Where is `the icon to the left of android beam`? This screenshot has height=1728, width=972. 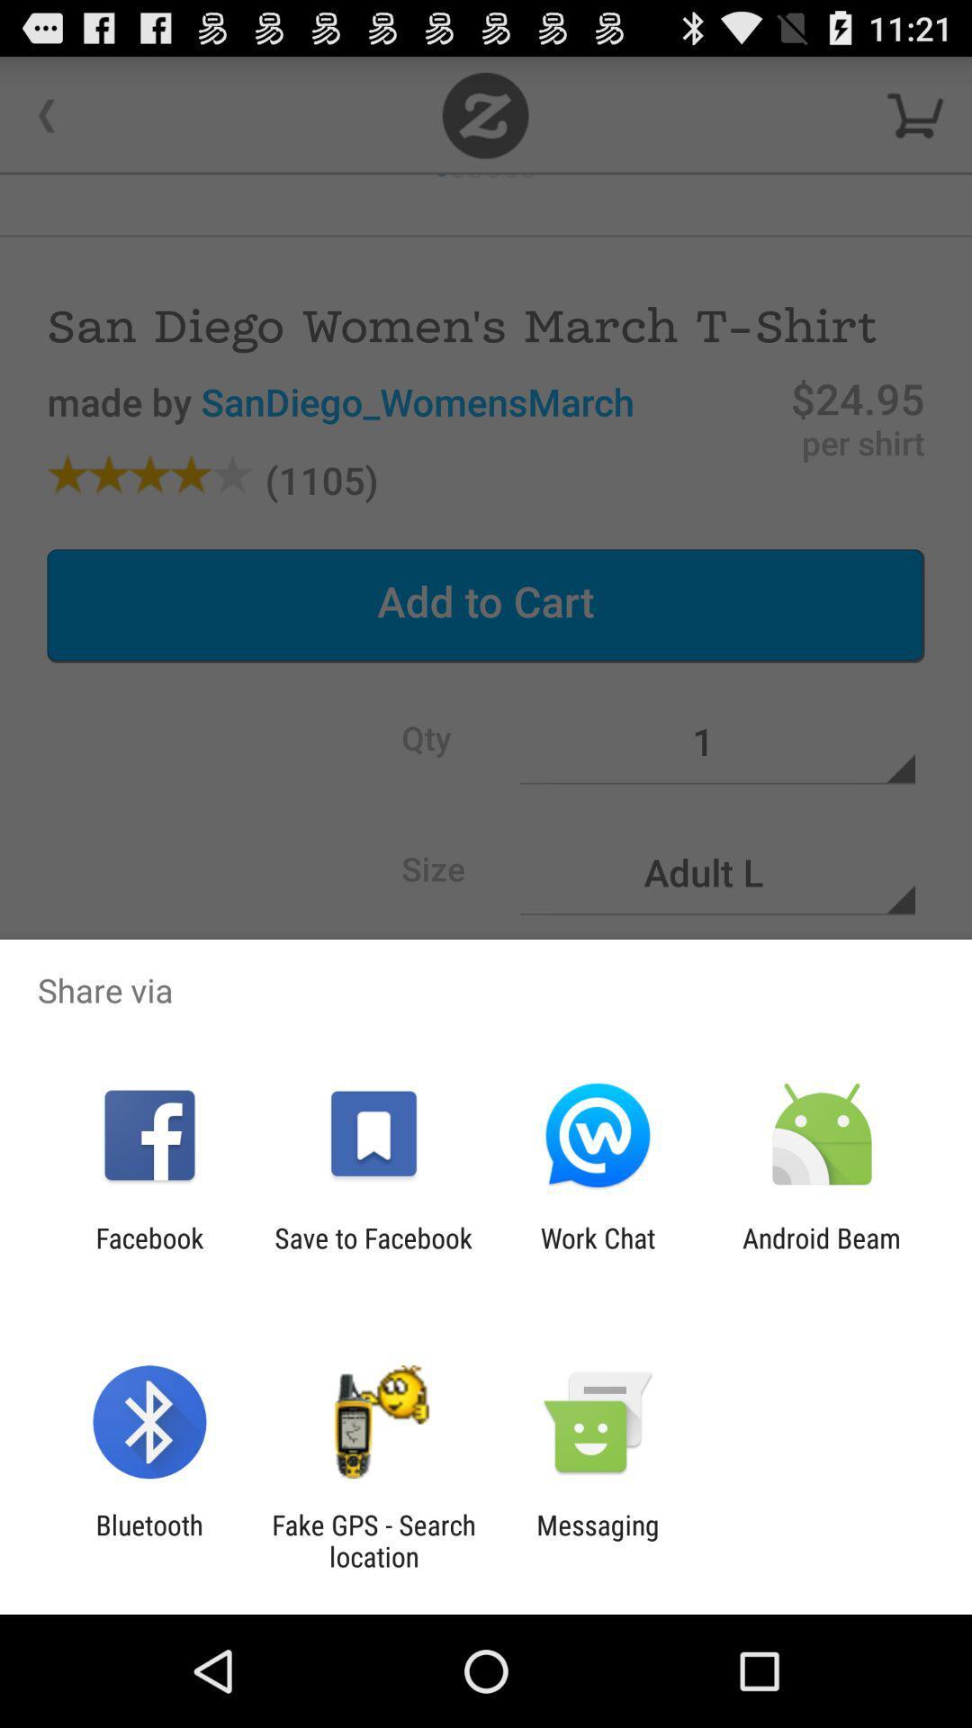
the icon to the left of android beam is located at coordinates (598, 1253).